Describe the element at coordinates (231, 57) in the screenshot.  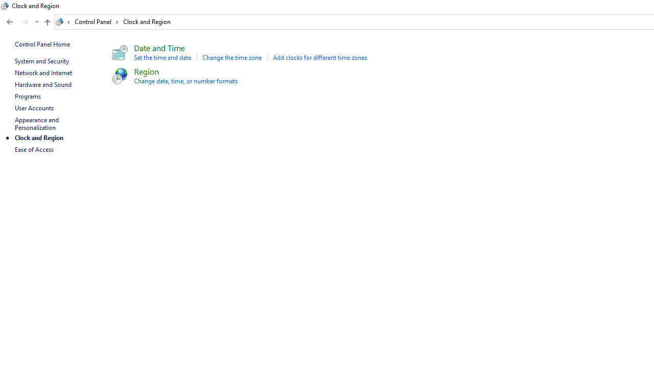
I see `'Change the time zone'` at that location.